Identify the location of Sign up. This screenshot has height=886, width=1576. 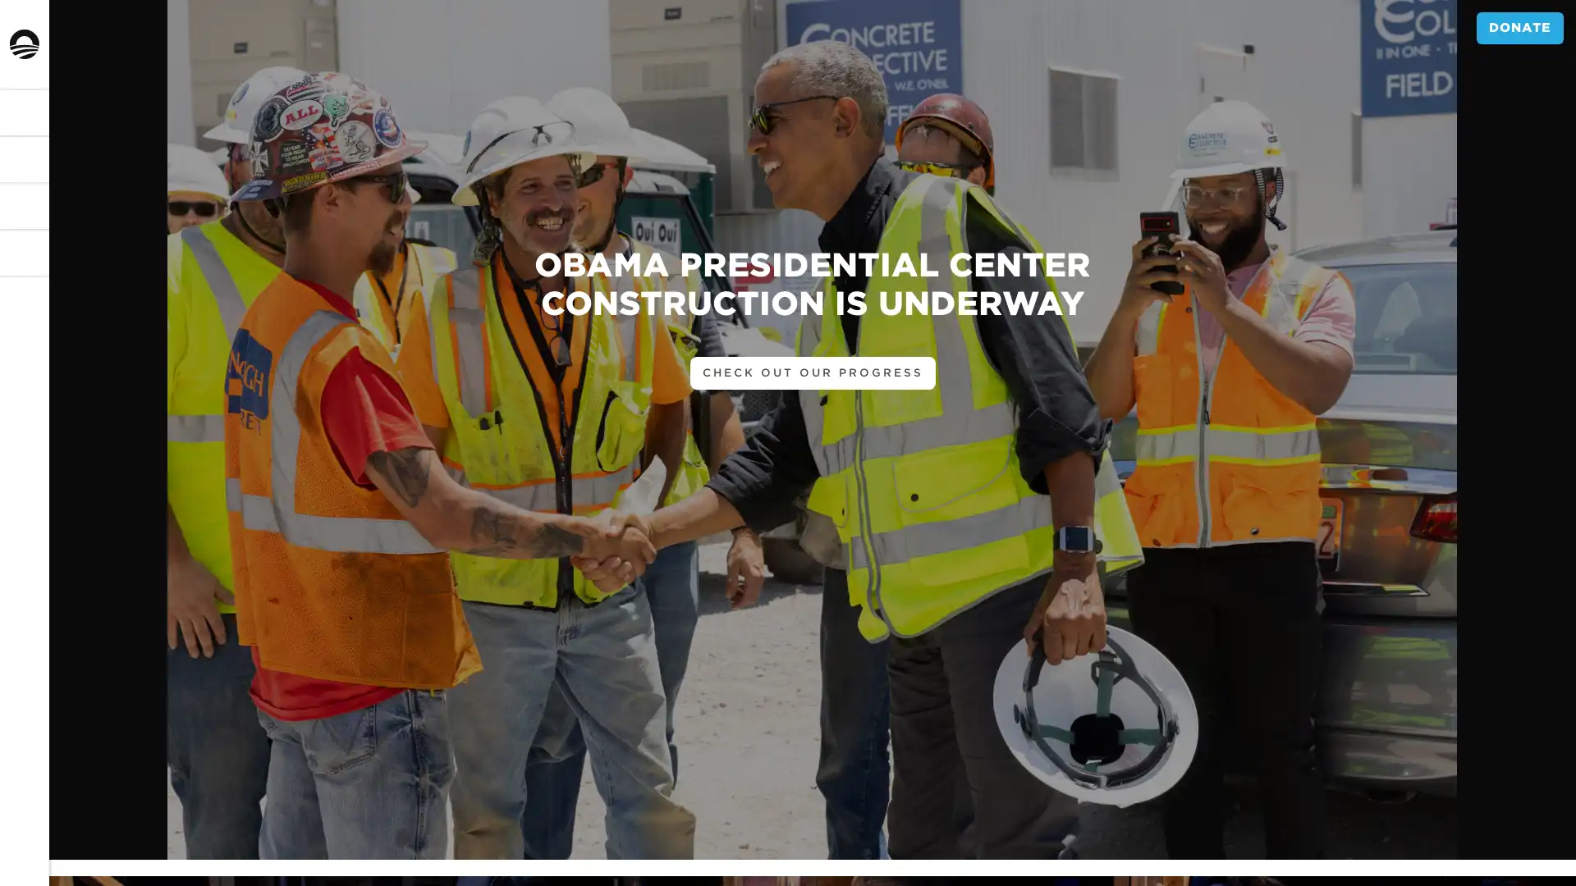
(51, 504).